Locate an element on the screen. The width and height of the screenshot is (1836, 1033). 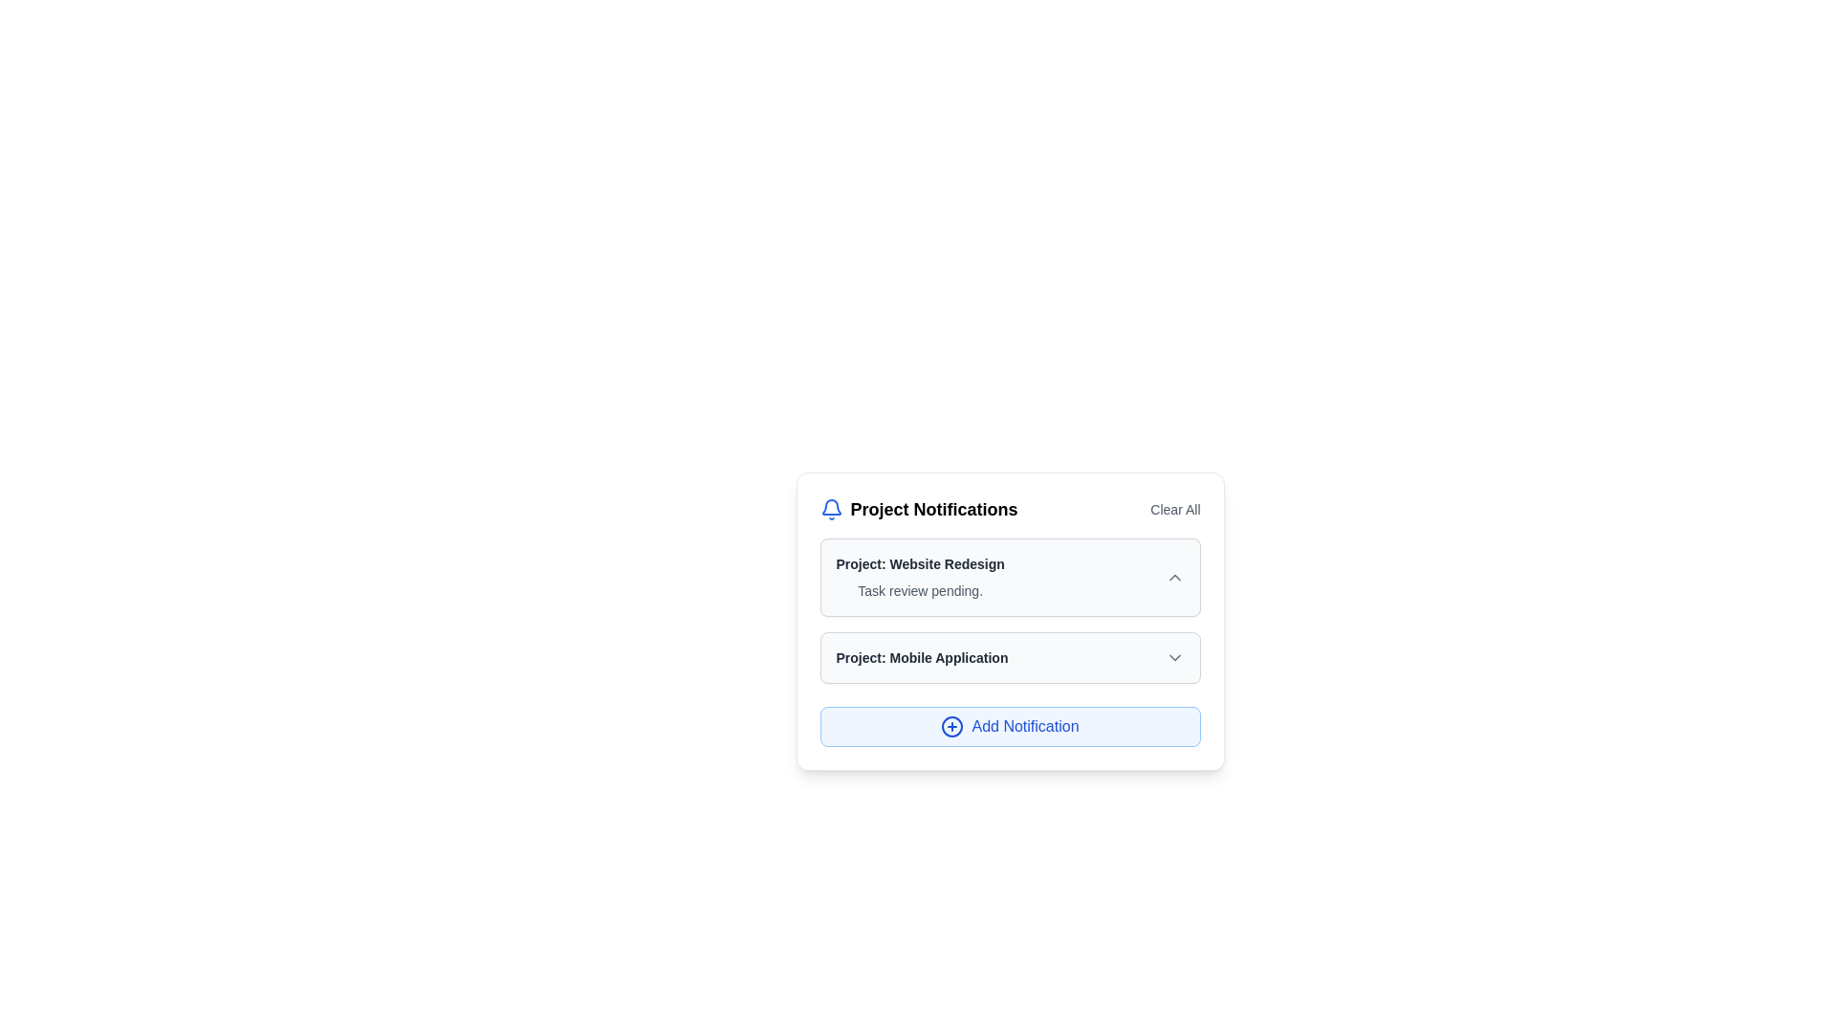
the text label reading 'Task review pending.' which is displayed in muted gray color, located below the bold header 'Project: Website Redesign' is located at coordinates (920, 589).